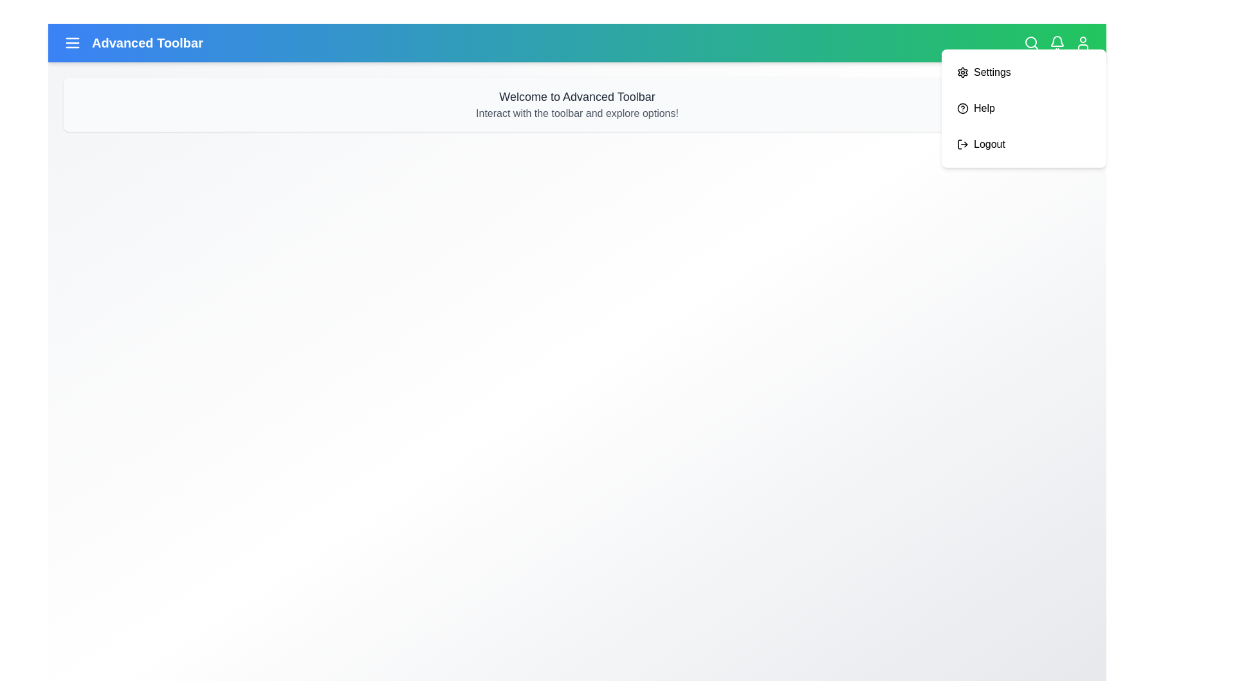 Image resolution: width=1235 pixels, height=694 pixels. Describe the element at coordinates (1023, 72) in the screenshot. I see `the menu item Settings` at that location.